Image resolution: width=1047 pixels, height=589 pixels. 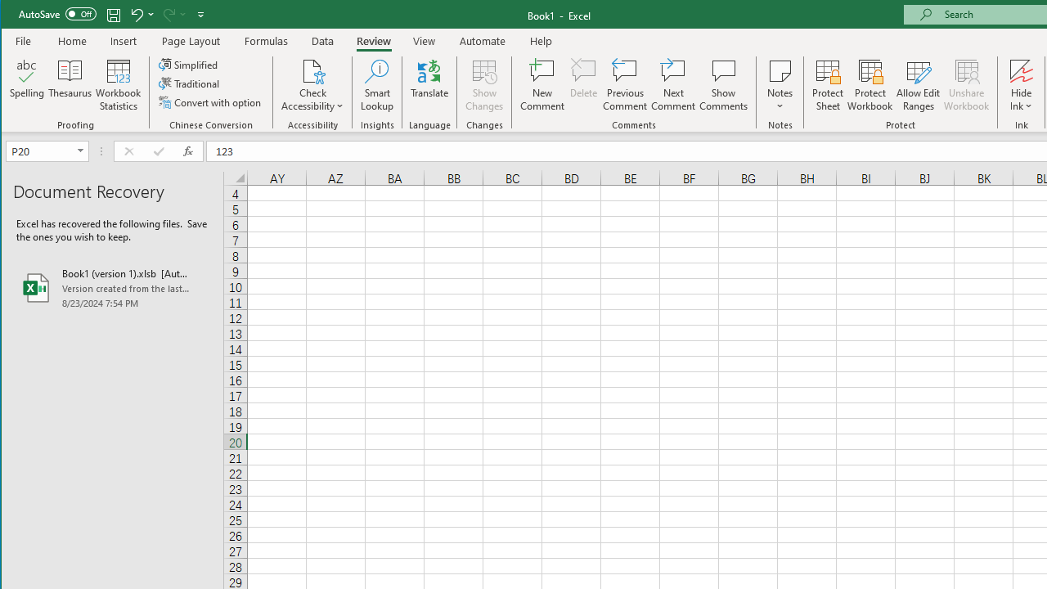 I want to click on 'Allow Edit Ranges', so click(x=919, y=85).